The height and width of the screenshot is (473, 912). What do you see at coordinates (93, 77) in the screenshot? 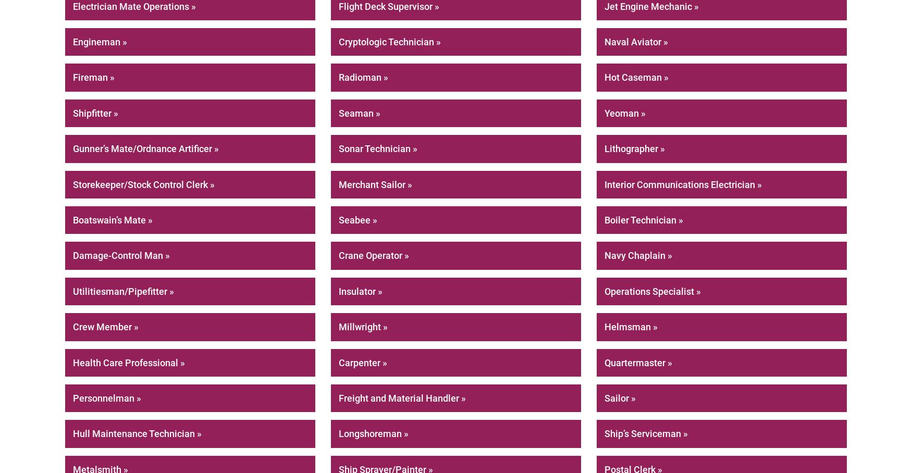
I see `'Fireman »'` at bounding box center [93, 77].